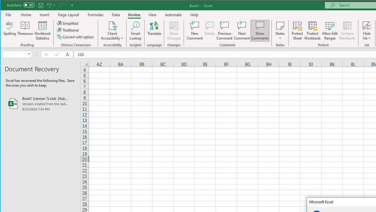 The height and width of the screenshot is (212, 376). I want to click on 'Quick Access Toolbar', so click(40, 5).